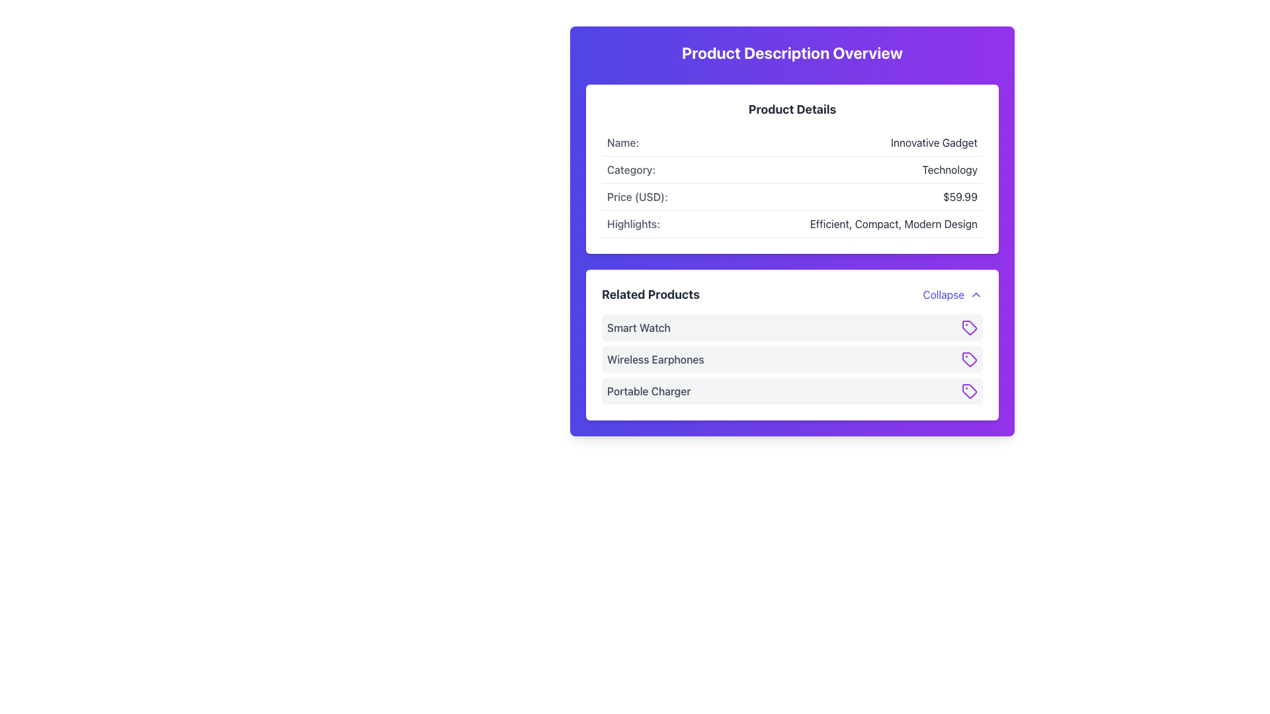 The height and width of the screenshot is (714, 1270). Describe the element at coordinates (622, 143) in the screenshot. I see `text label that reads 'Name:' located in the upper-left section of the 'Product Details' box on the webpage` at that location.